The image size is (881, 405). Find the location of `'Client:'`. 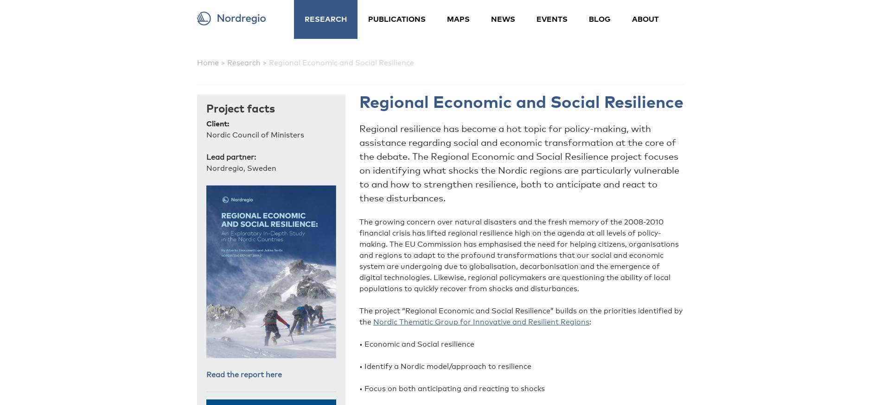

'Client:' is located at coordinates (217, 124).